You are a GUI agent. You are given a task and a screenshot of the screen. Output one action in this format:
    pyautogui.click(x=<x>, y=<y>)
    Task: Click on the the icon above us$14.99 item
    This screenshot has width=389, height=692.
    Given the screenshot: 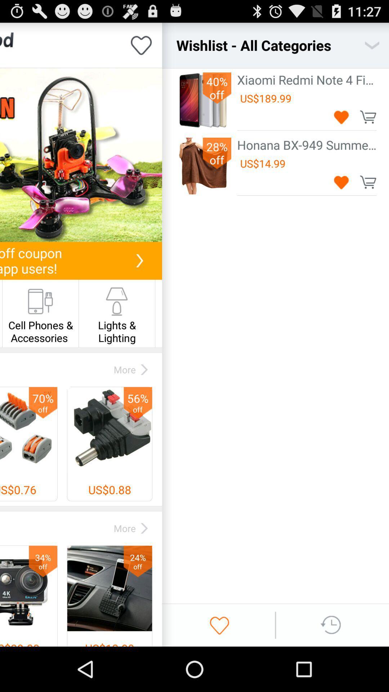 What is the action you would take?
    pyautogui.click(x=307, y=145)
    